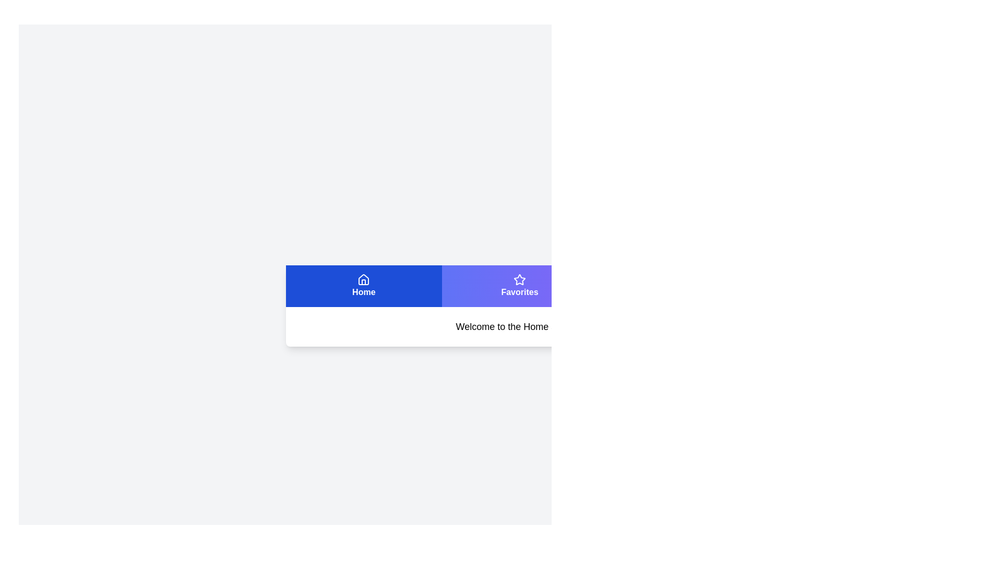  Describe the element at coordinates (520, 286) in the screenshot. I see `the 'Favorites' section of the navigation bar` at that location.